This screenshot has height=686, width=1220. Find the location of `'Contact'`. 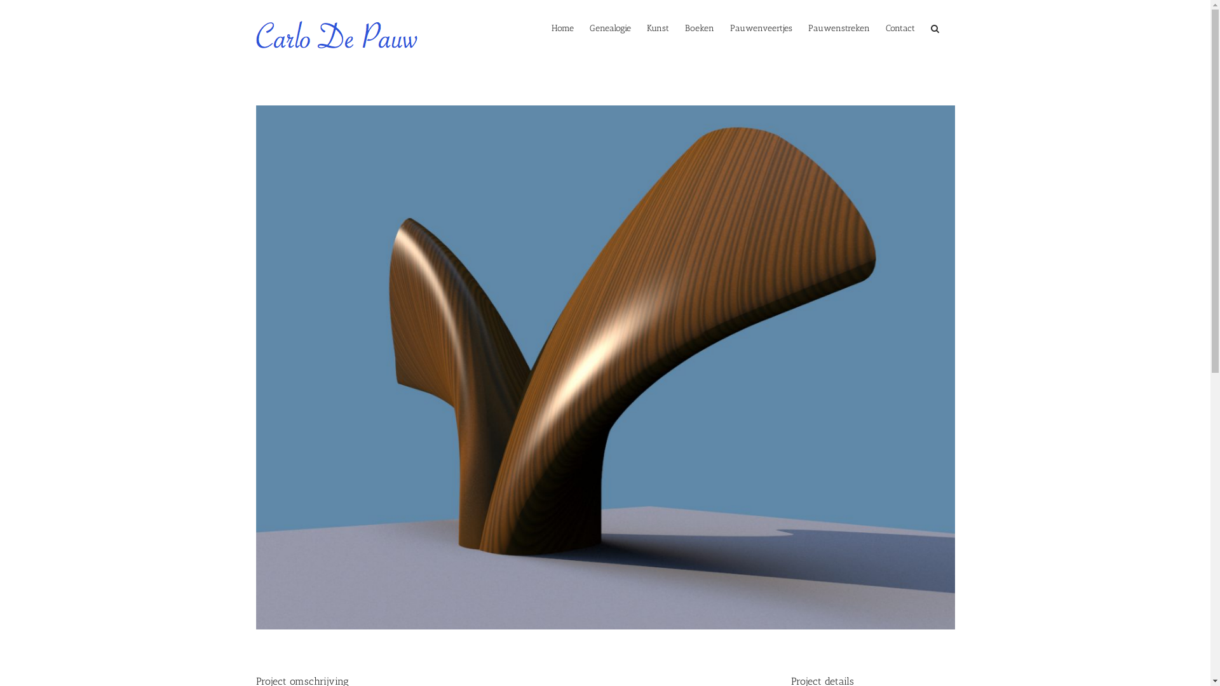

'Contact' is located at coordinates (899, 27).